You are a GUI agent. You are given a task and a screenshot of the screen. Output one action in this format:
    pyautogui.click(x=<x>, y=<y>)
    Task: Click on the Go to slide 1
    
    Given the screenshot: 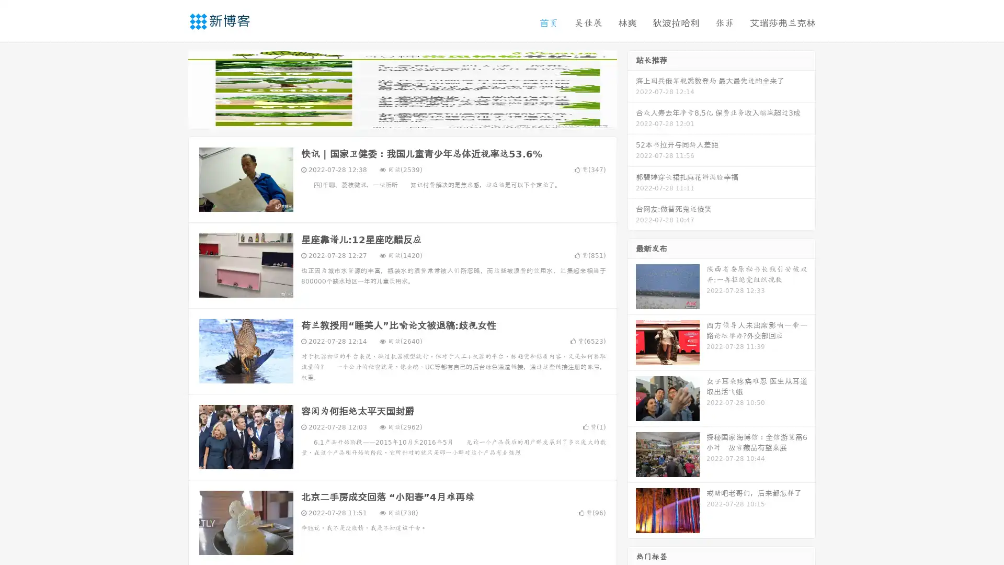 What is the action you would take?
    pyautogui.click(x=391, y=118)
    